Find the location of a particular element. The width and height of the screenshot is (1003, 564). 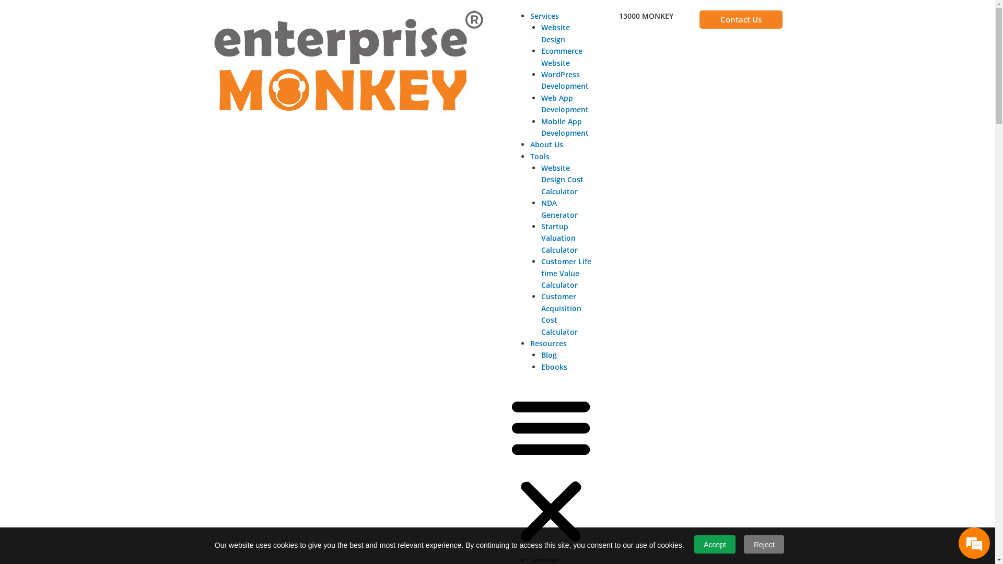

'Web App Development' is located at coordinates (541, 103).